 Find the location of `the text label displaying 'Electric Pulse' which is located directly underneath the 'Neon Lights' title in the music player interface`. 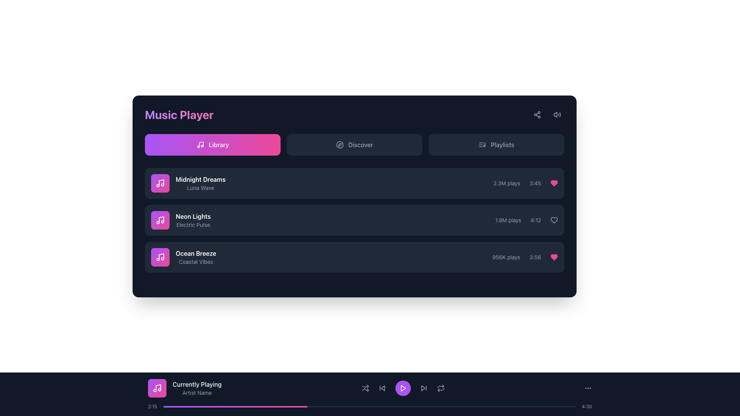

the text label displaying 'Electric Pulse' which is located directly underneath the 'Neon Lights' title in the music player interface is located at coordinates (193, 225).